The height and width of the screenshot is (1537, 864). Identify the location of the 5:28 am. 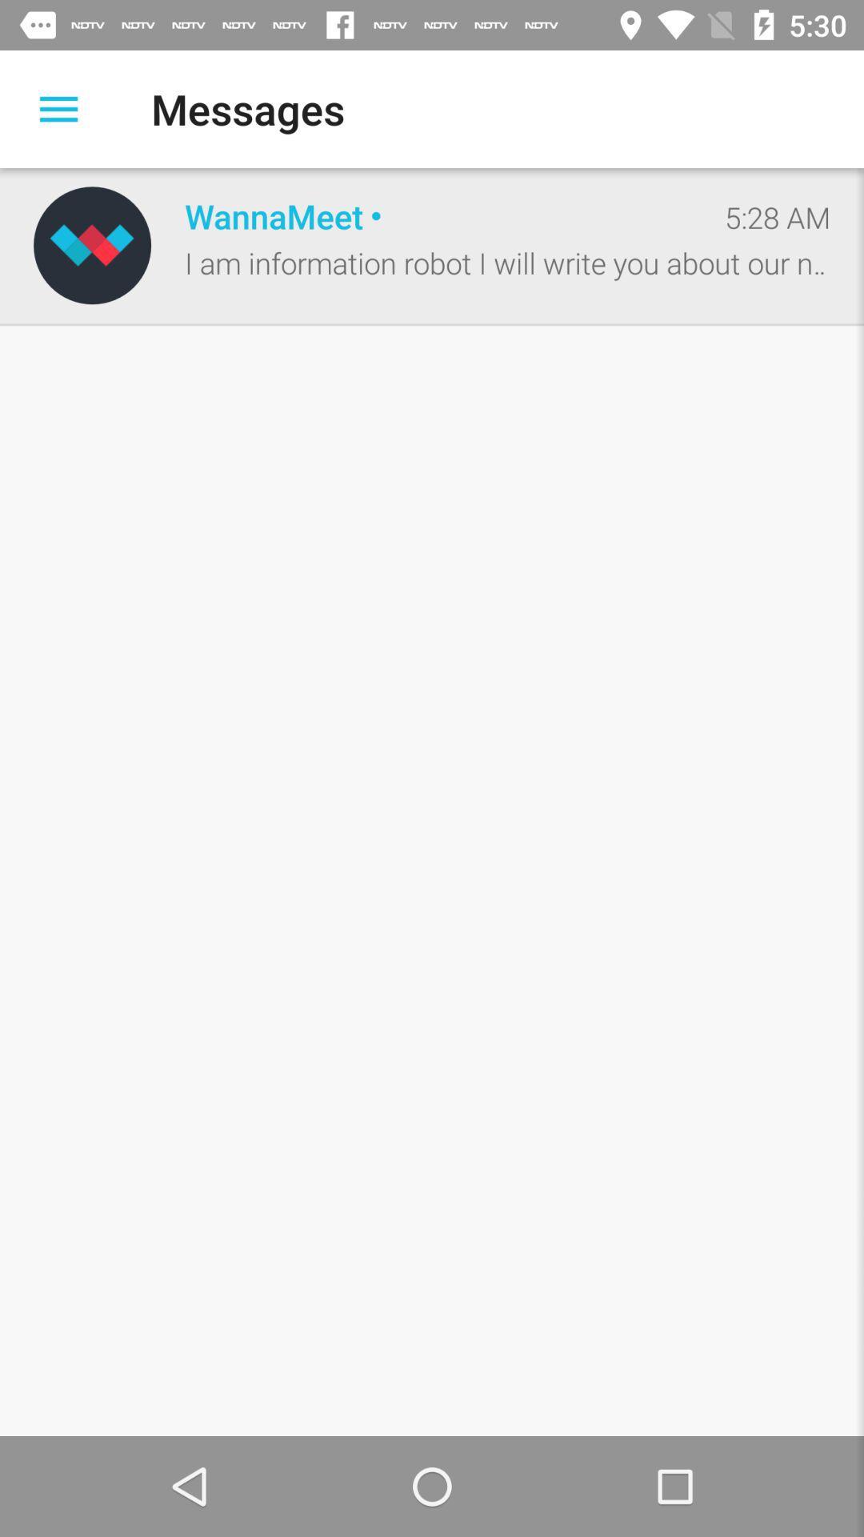
(777, 216).